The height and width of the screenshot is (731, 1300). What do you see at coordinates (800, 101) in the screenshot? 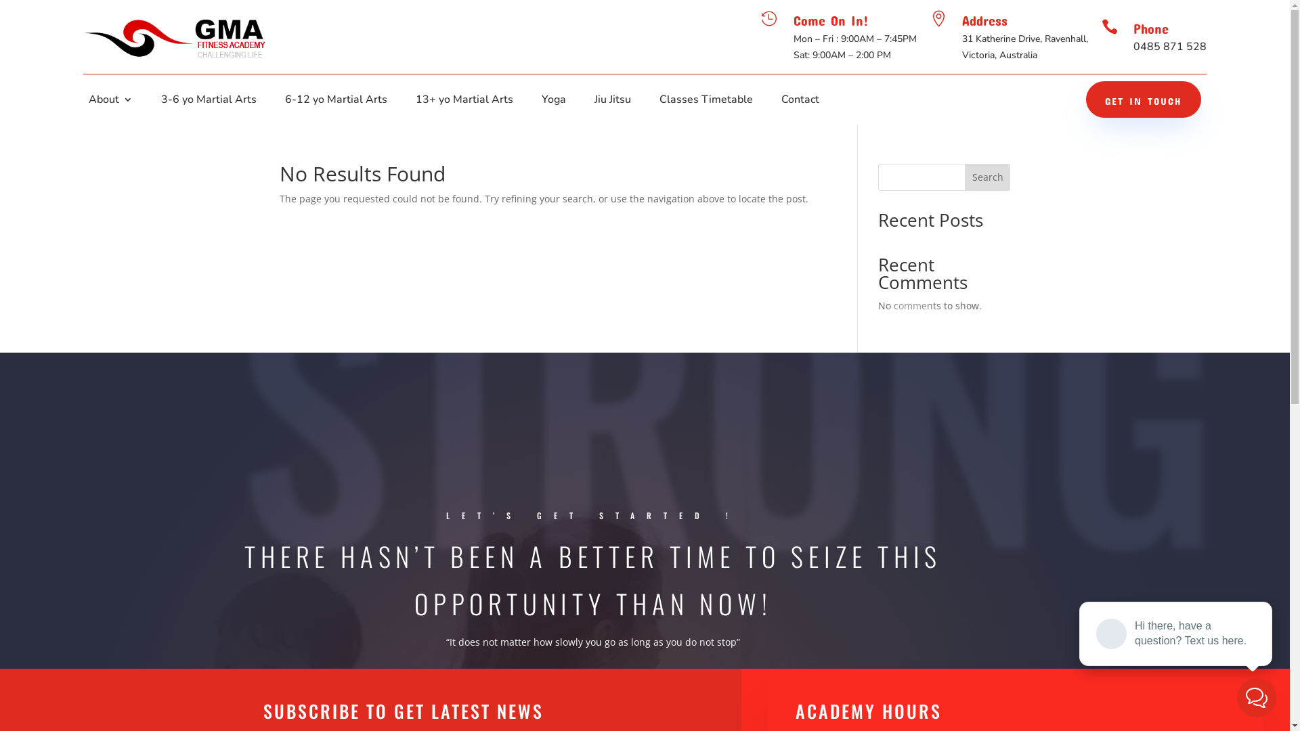
I see `'Contact'` at bounding box center [800, 101].